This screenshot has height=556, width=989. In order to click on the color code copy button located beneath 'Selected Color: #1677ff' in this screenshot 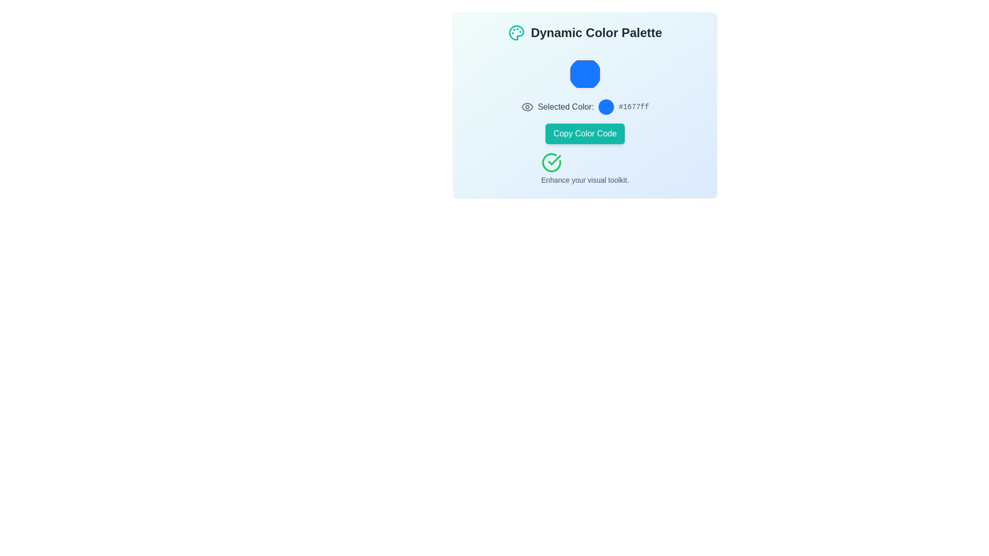, I will do `click(585, 133)`.